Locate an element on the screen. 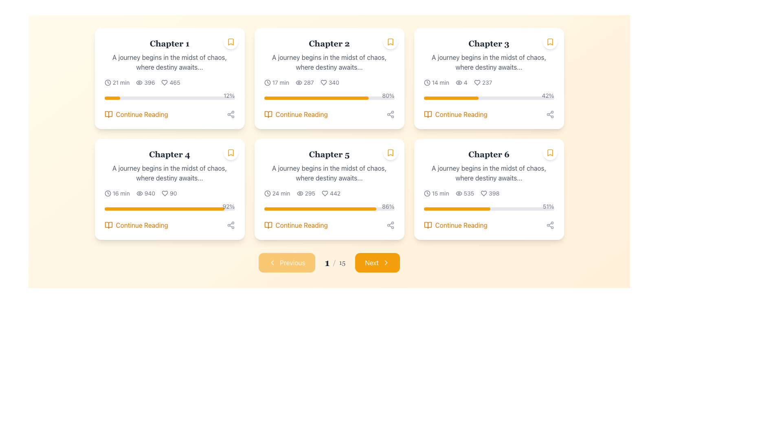  the heart-shaped icon located between the labels '287' and '340' in the second card of the top row under 'Chapter 2' is located at coordinates (323, 83).